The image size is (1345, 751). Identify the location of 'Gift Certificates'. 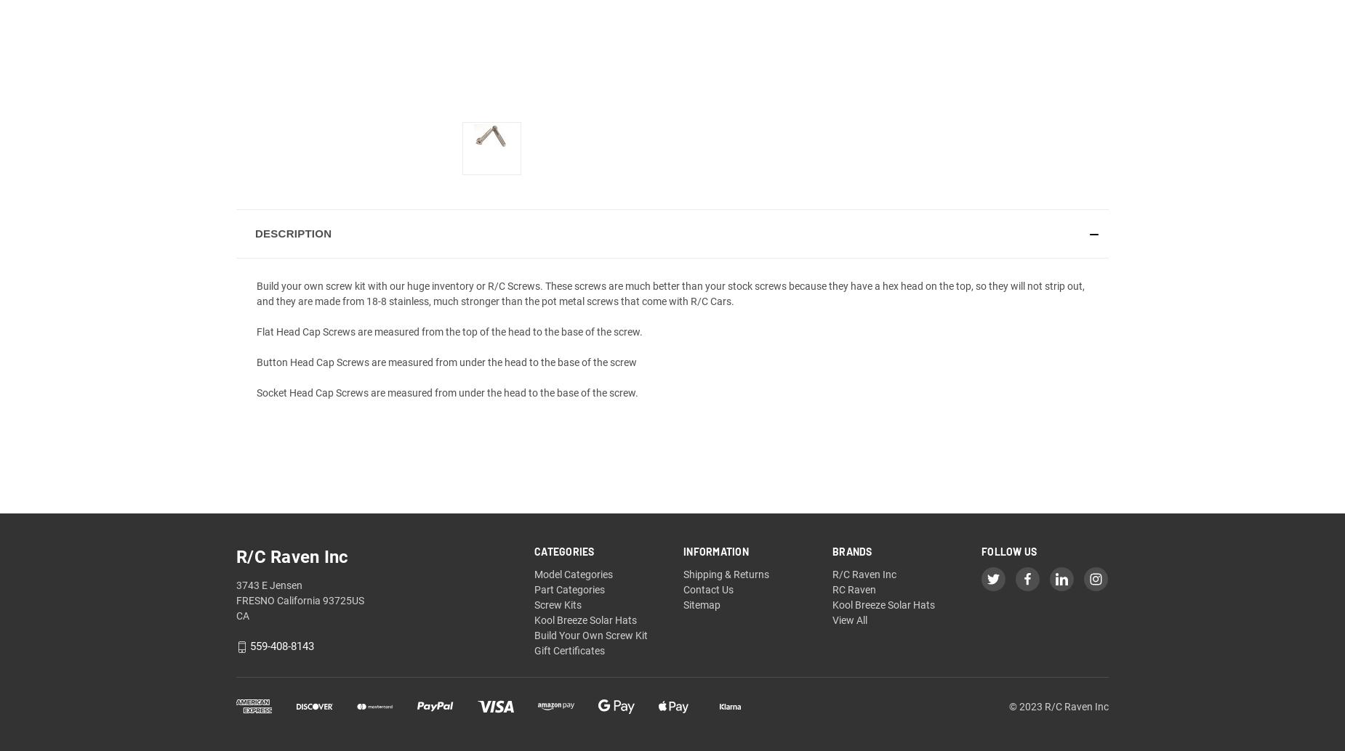
(569, 649).